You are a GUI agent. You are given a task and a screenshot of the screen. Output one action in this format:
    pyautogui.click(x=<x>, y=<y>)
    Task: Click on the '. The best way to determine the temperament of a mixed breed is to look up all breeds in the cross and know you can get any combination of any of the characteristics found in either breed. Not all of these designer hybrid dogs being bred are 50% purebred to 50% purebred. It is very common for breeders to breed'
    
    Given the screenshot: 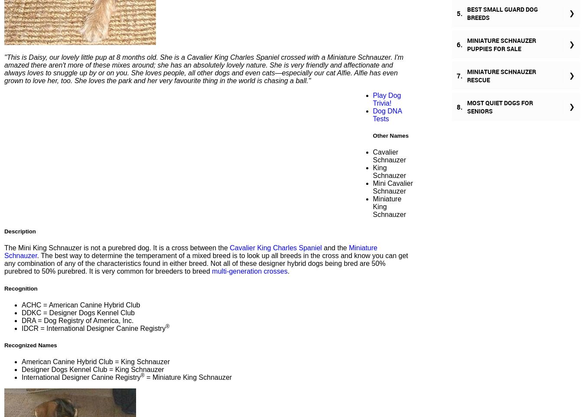 What is the action you would take?
    pyautogui.click(x=205, y=263)
    